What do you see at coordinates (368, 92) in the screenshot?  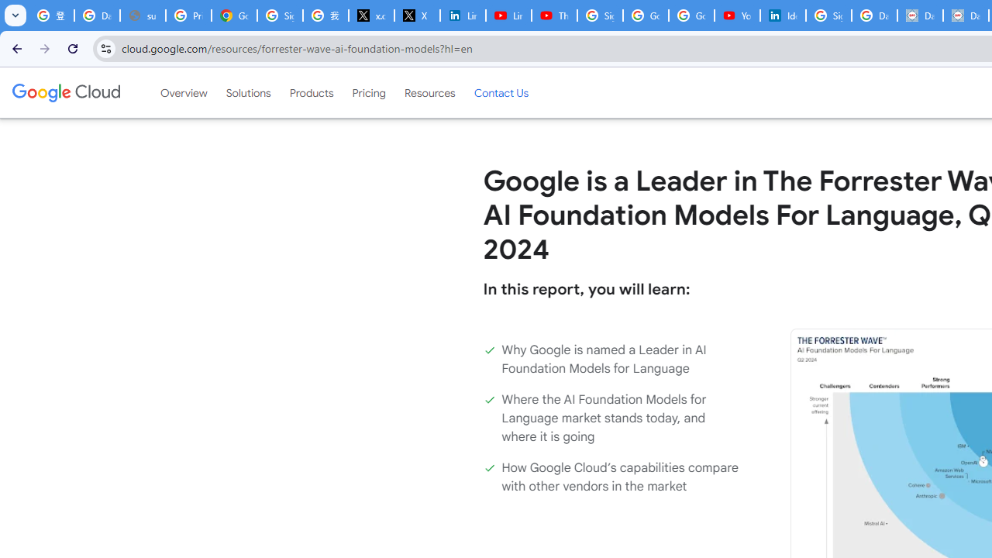 I see `'Pricing'` at bounding box center [368, 92].